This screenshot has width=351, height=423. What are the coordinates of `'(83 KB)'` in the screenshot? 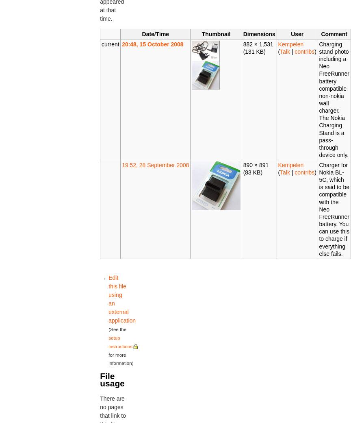 It's located at (252, 172).